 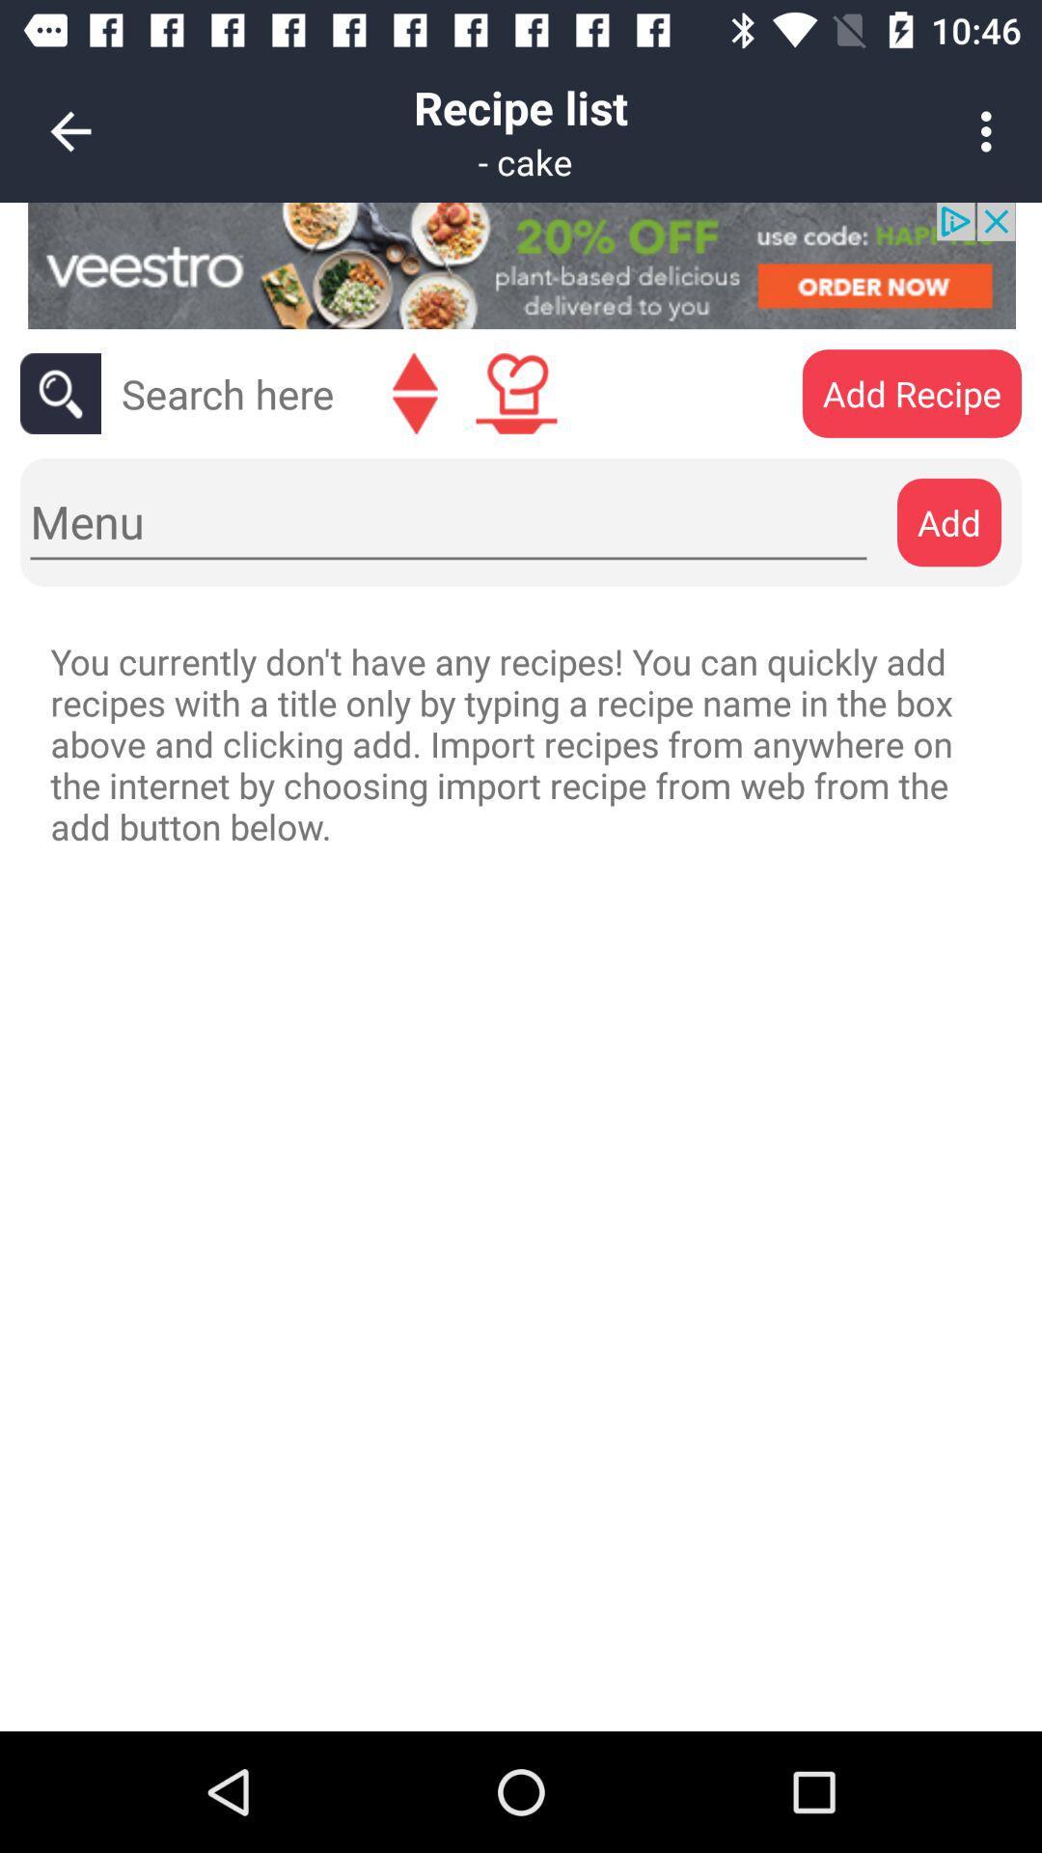 I want to click on go back, so click(x=414, y=393).